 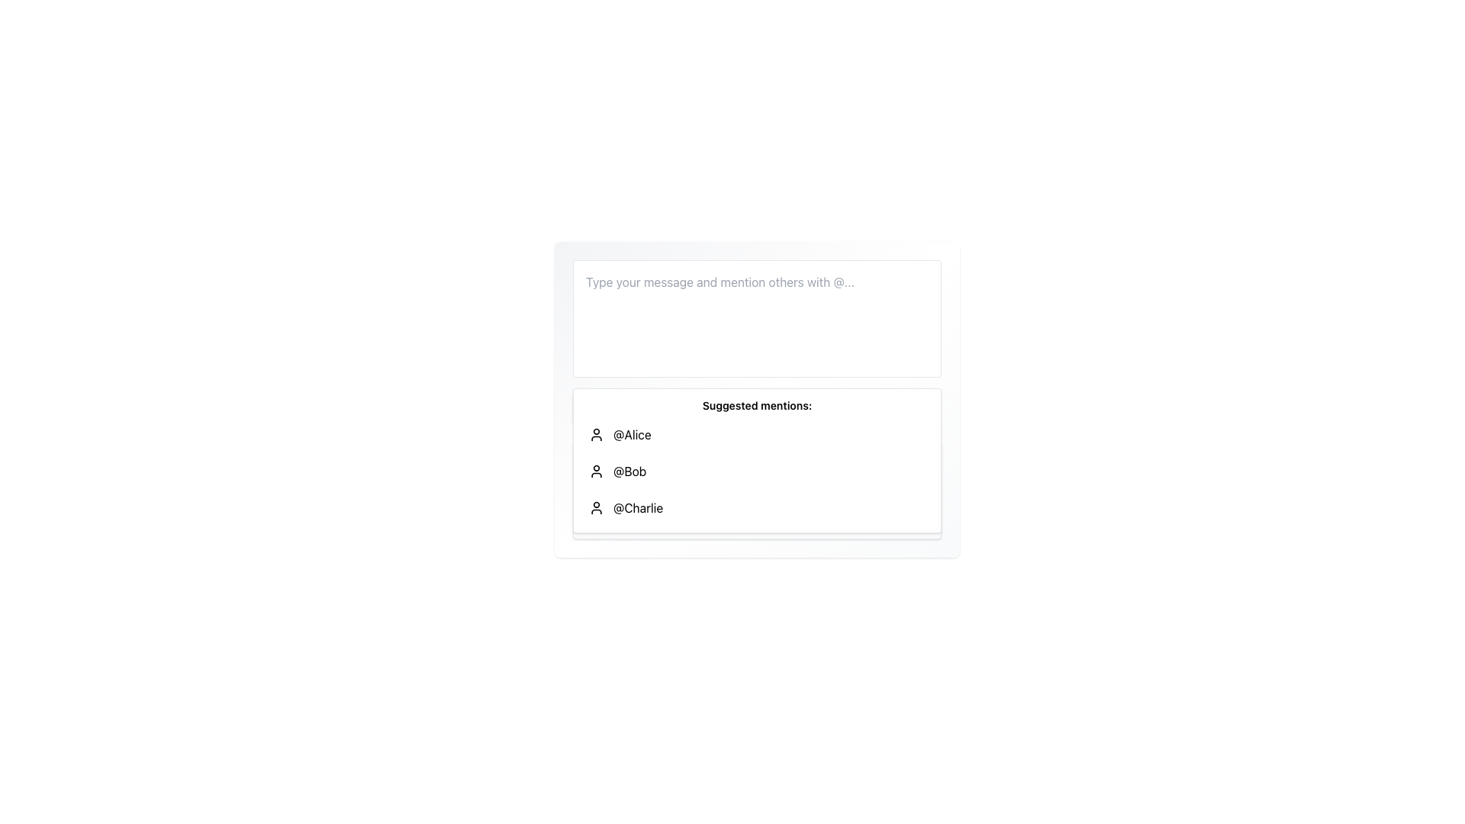 What do you see at coordinates (596, 470) in the screenshot?
I see `the user icon represented as a simplistic human figure with a circular head and a torso outline, which is positioned to the left of the '@Bob' mention in the suggested mentions dropdown for potential interaction` at bounding box center [596, 470].